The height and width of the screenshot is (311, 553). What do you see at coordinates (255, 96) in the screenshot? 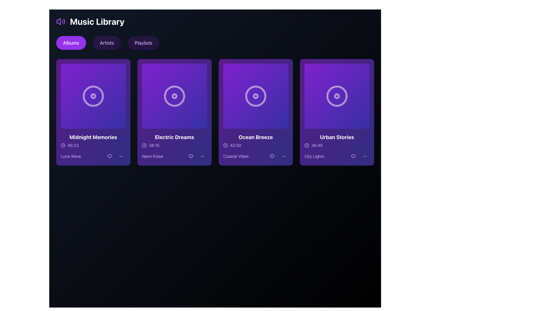
I see `the smaller SVG circle element at the center of the decorative icon on the 'Ocean Breeze' card, which is the third card from the left in the grid layout` at bounding box center [255, 96].